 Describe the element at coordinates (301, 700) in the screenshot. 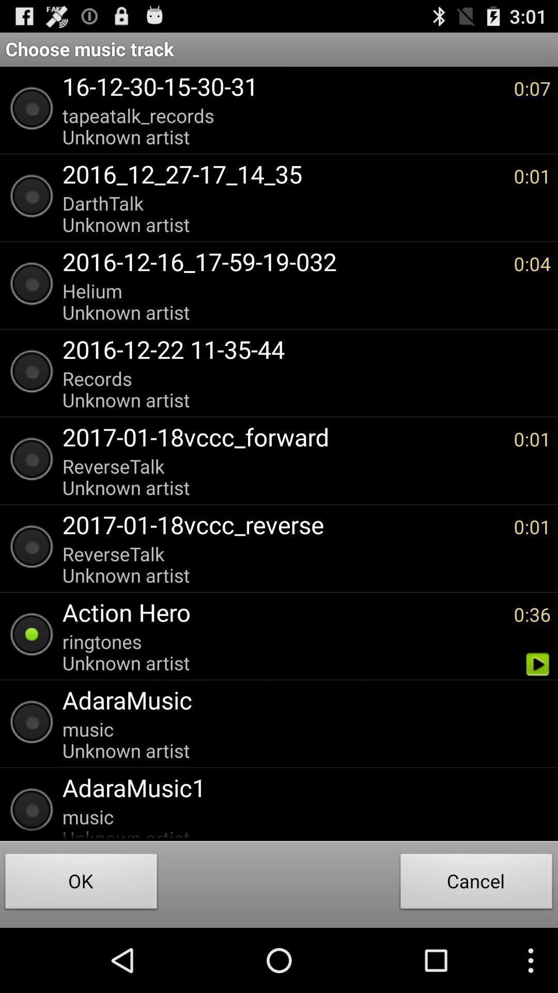

I see `the adaramusic item` at that location.